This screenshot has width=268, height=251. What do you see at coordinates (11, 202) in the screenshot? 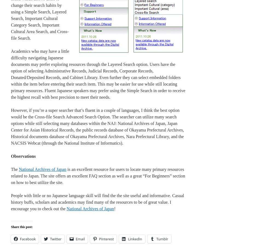
I see `'People with little or no Japanese language skill will find the the site useful and informative. Casual history buffs, scholars and academics may find many of the resources to be of great value. I encourage you to check out the'` at bounding box center [11, 202].